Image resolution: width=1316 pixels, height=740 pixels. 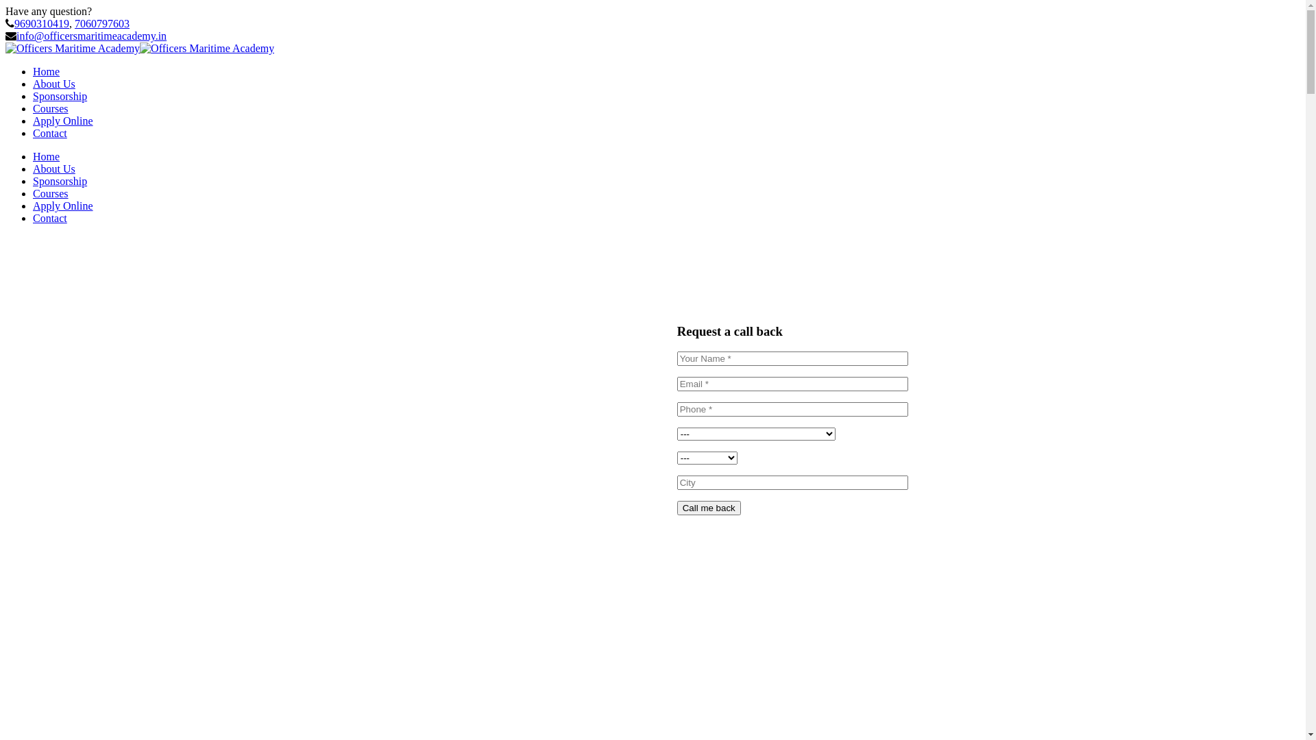 What do you see at coordinates (709, 508) in the screenshot?
I see `'Call me back'` at bounding box center [709, 508].